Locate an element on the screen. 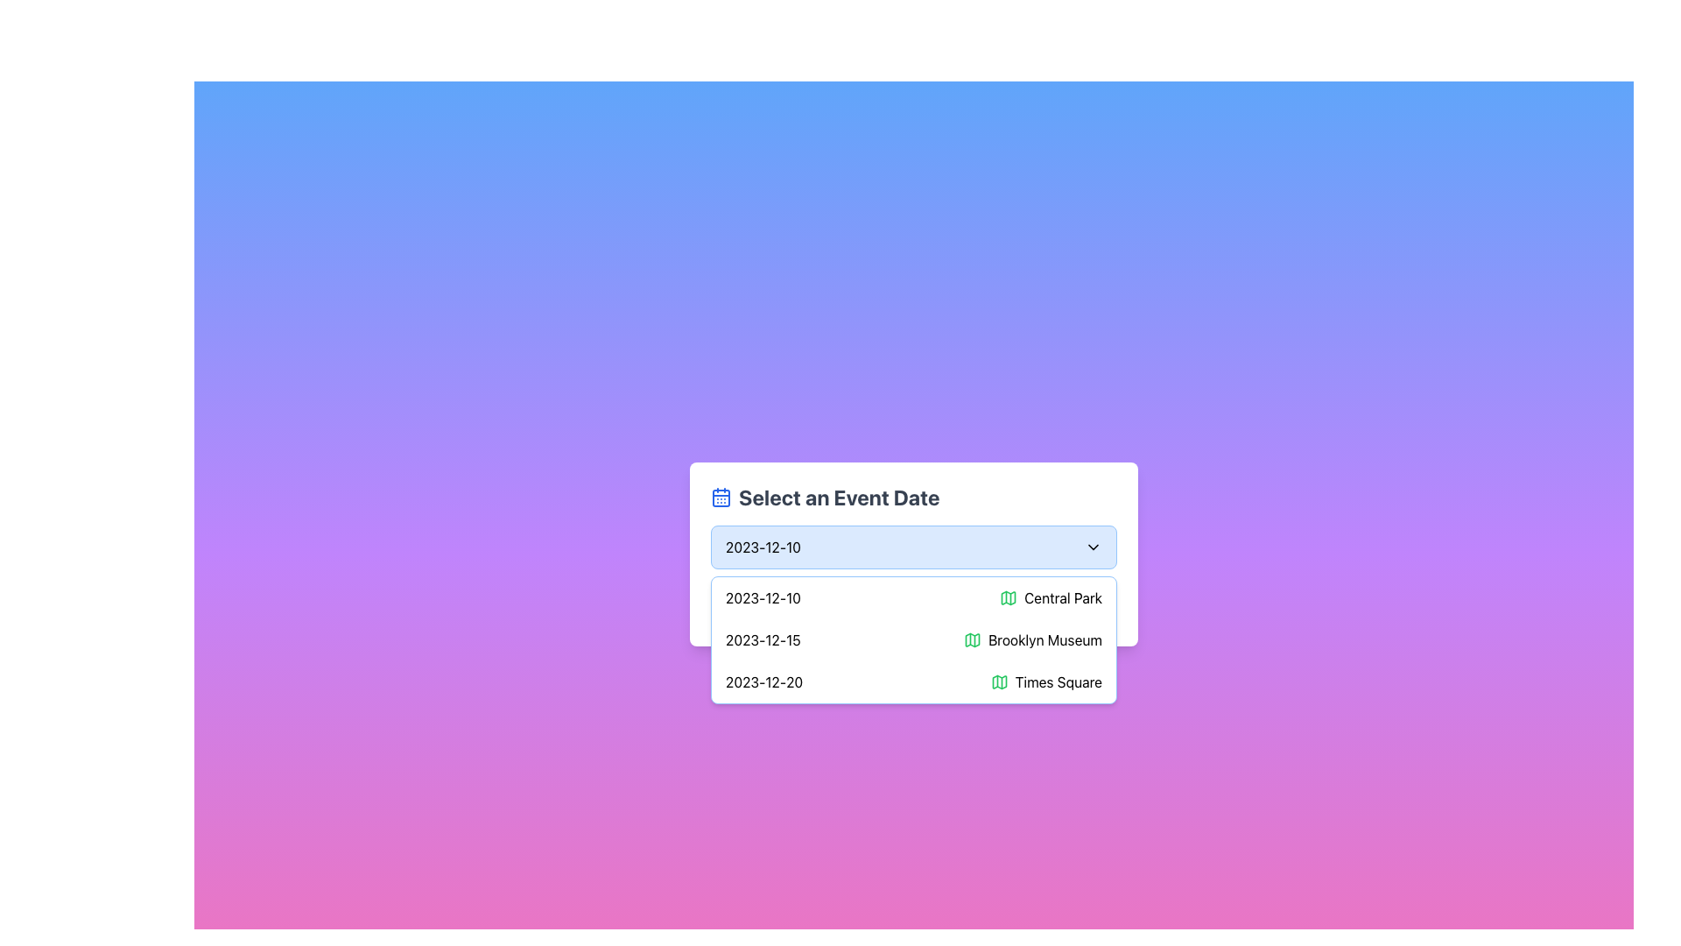 Image resolution: width=1681 pixels, height=946 pixels. the icon representing map-related actions for 'Brooklyn Museum', located to the left of the text 'Brooklyn Museum' is located at coordinates (972, 640).